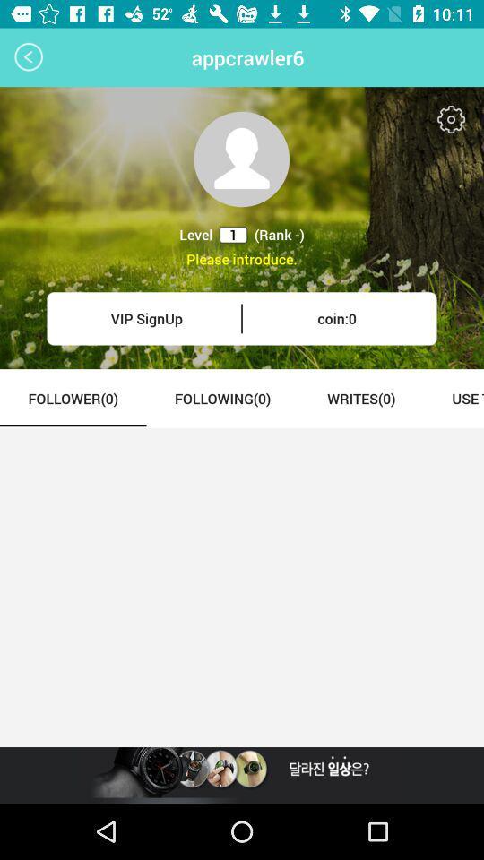 The width and height of the screenshot is (484, 860). I want to click on app below the vip signup, so click(72, 398).